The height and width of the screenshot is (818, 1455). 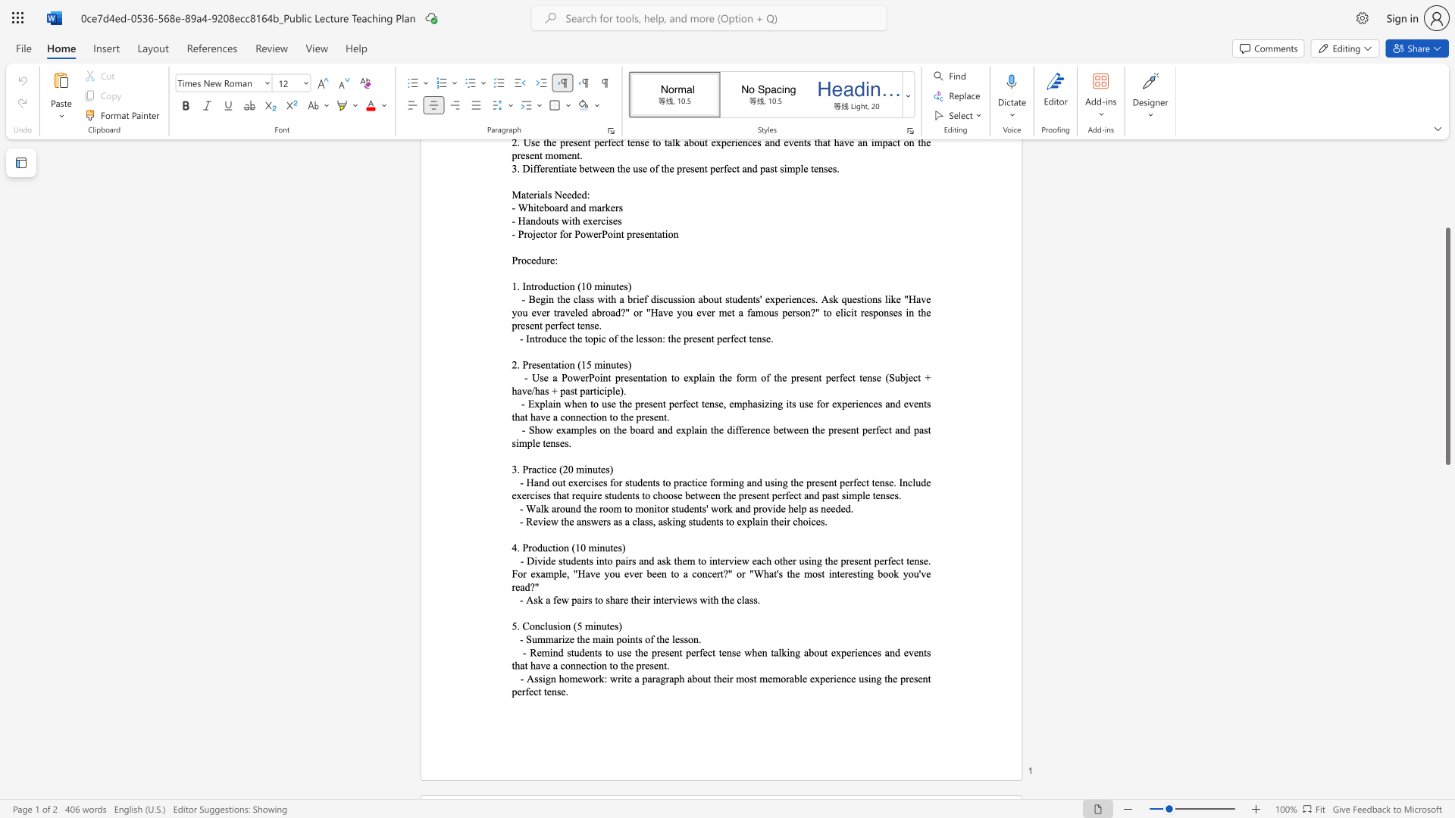 What do you see at coordinates (1447, 346) in the screenshot?
I see `the scrollbar and move down 710 pixels` at bounding box center [1447, 346].